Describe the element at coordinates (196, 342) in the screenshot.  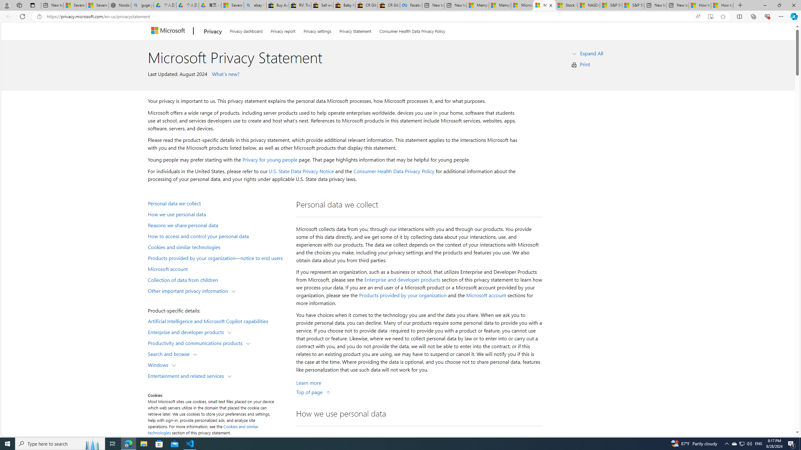
I see `'Productivity and communications products'` at that location.